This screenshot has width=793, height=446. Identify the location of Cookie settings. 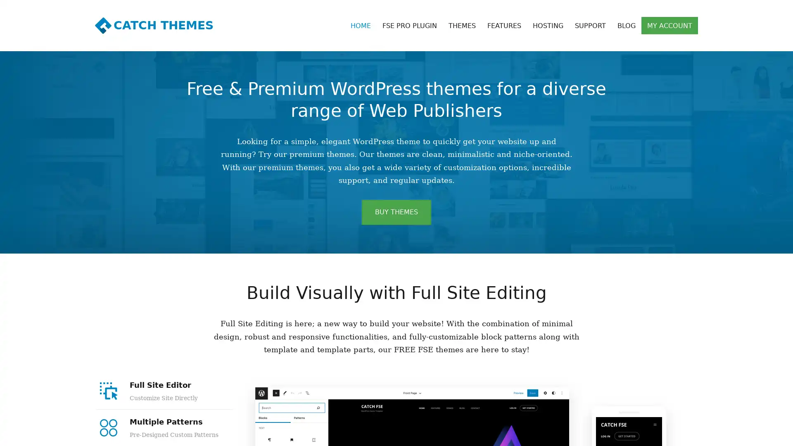
(731, 435).